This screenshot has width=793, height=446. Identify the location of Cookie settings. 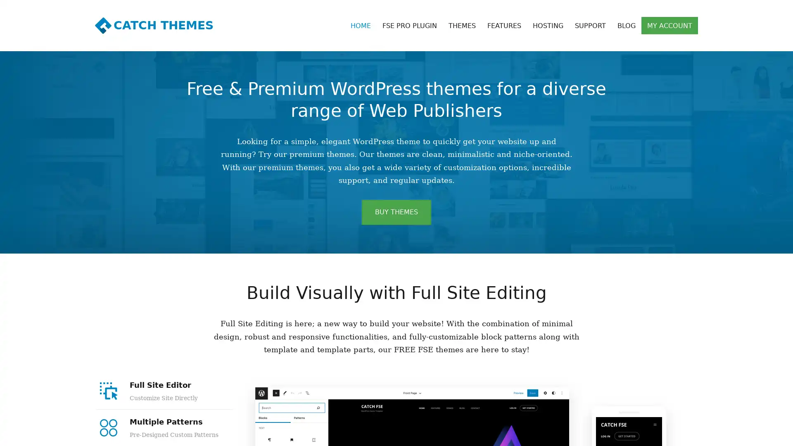
(731, 435).